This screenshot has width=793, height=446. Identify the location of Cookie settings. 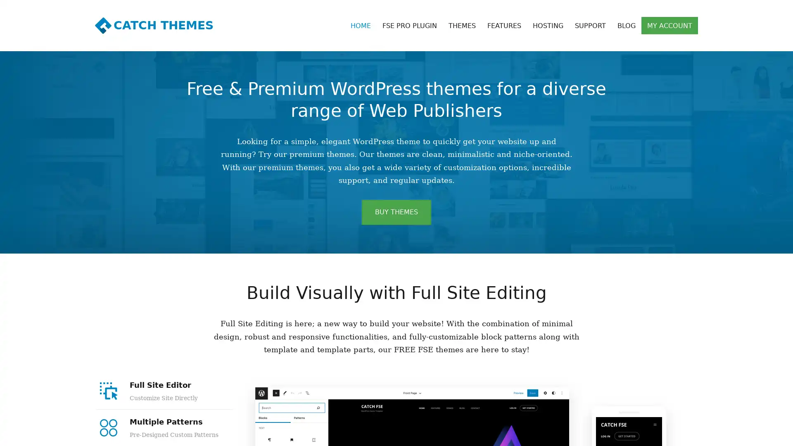
(731, 435).